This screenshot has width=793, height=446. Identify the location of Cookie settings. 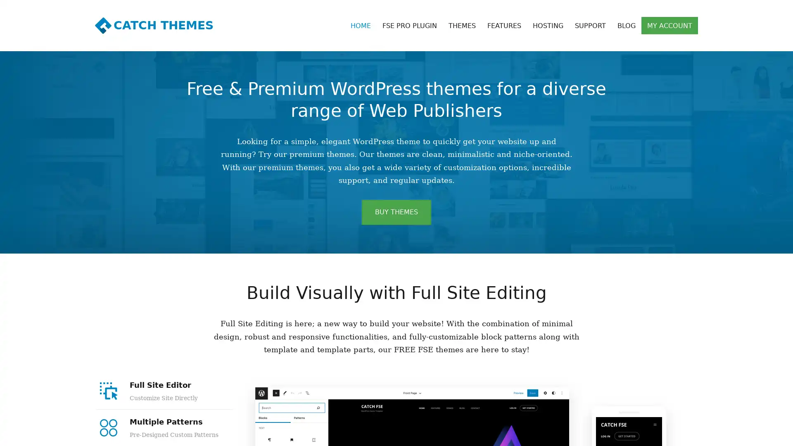
(731, 435).